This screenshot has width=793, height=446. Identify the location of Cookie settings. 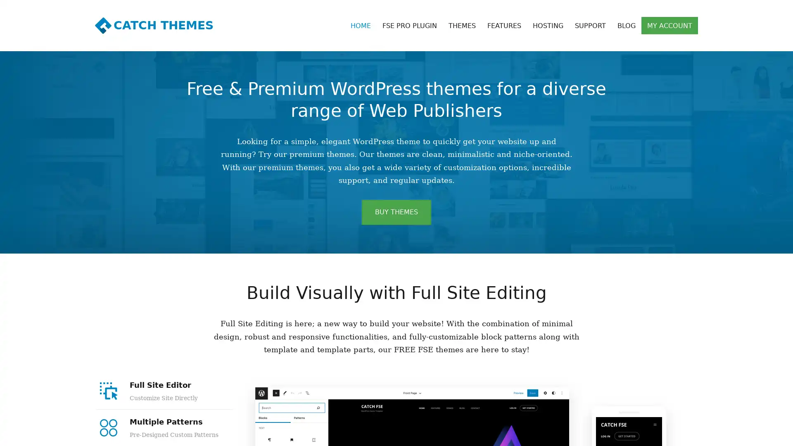
(731, 435).